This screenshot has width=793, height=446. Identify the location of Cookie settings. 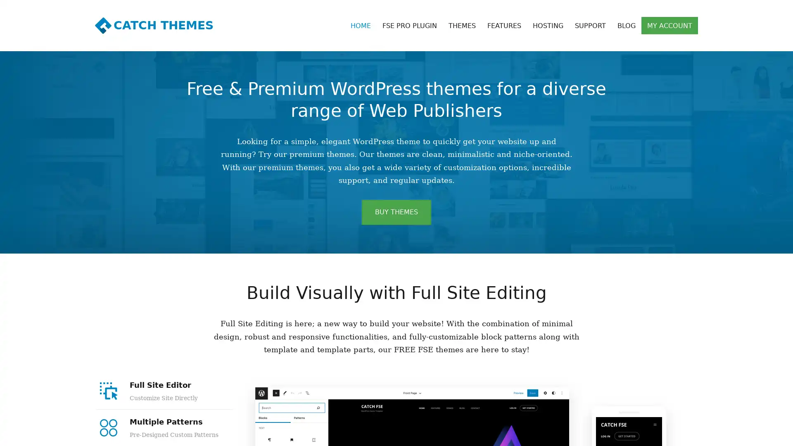
(731, 435).